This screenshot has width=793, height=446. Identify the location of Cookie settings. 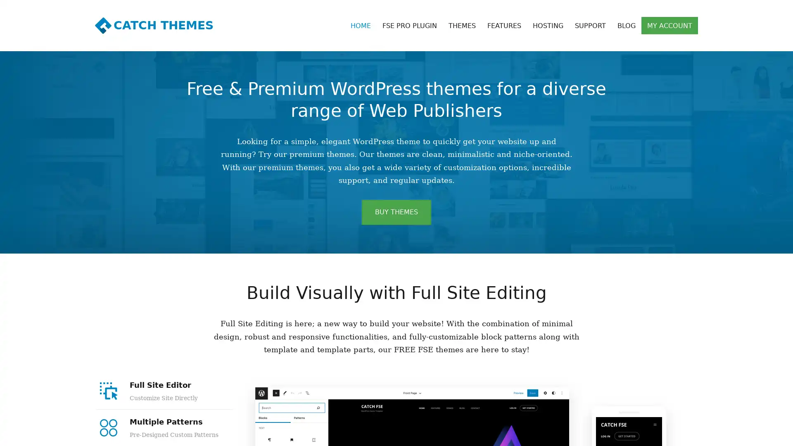
(731, 435).